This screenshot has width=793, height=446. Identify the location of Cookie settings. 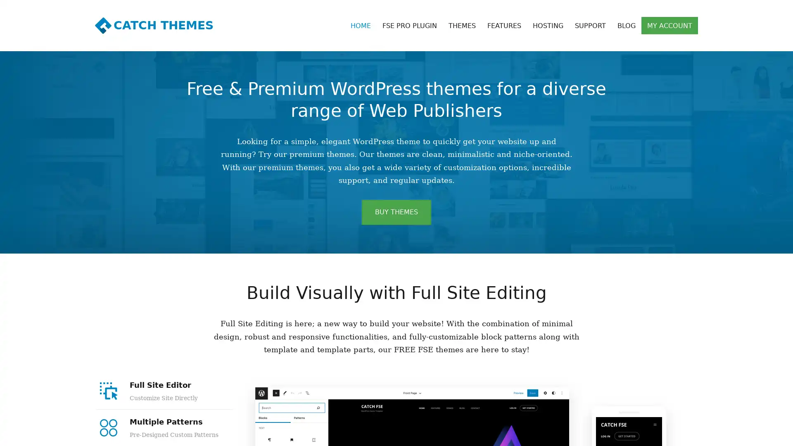
(731, 435).